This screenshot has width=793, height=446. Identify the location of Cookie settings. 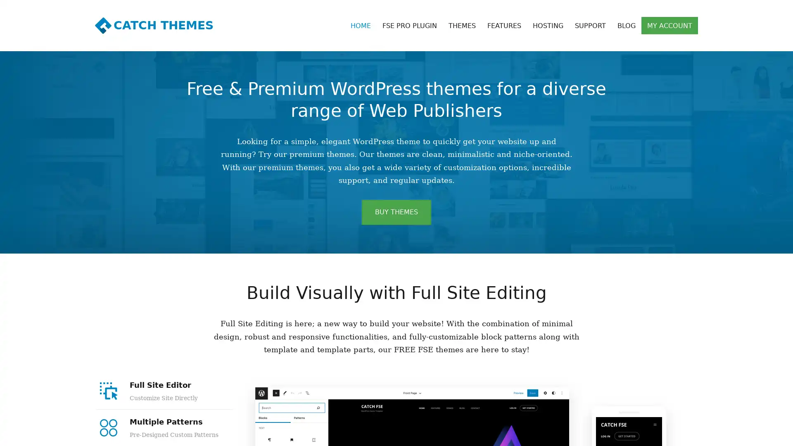
(731, 435).